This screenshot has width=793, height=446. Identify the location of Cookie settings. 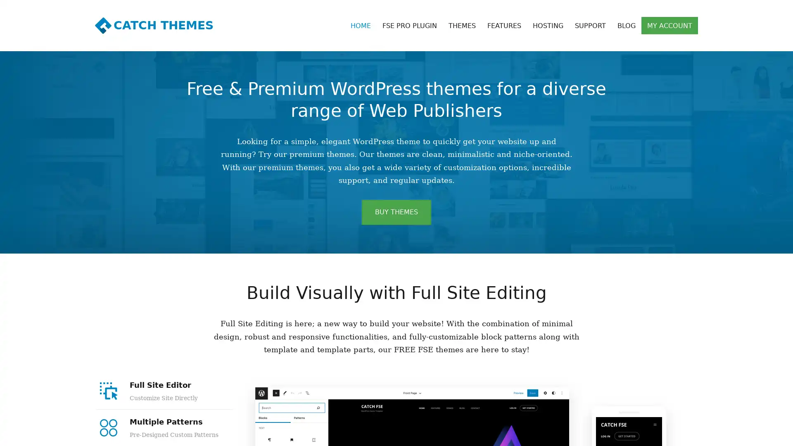
(731, 435).